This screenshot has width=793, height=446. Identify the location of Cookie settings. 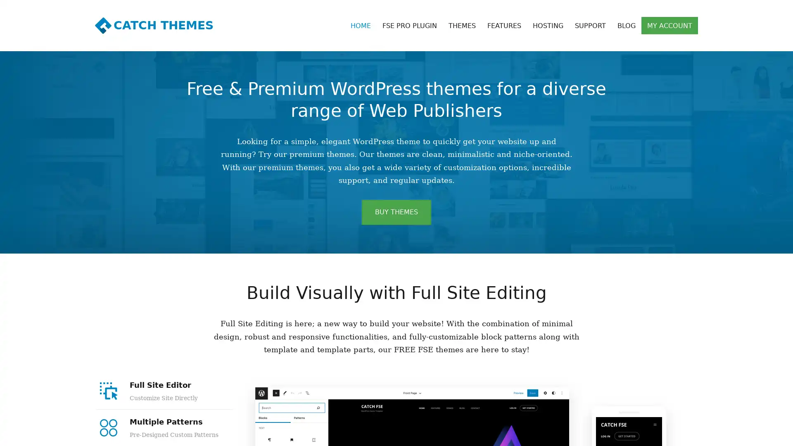
(731, 435).